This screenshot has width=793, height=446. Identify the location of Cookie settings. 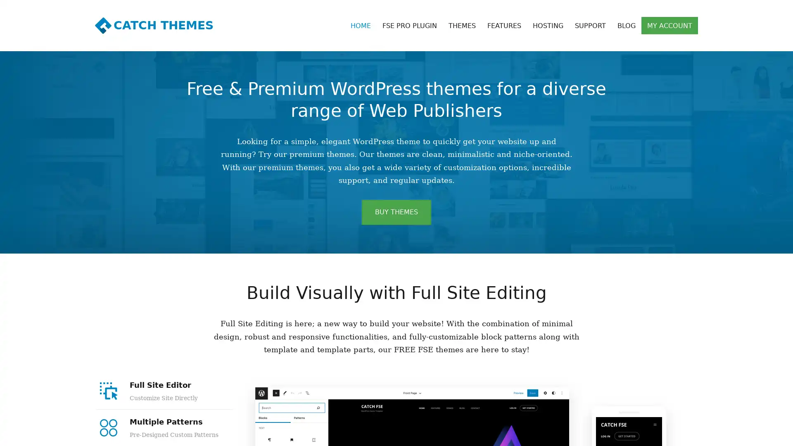
(731, 435).